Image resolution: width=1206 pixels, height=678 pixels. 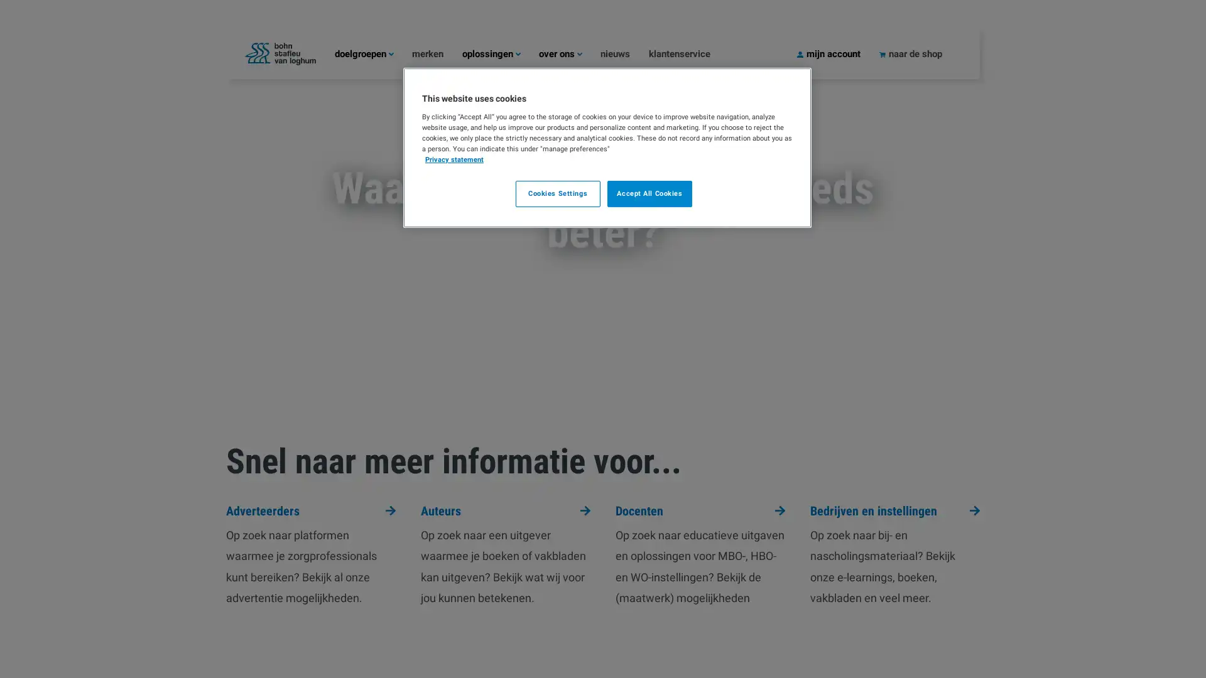 What do you see at coordinates (557, 193) in the screenshot?
I see `Cookies Settings` at bounding box center [557, 193].